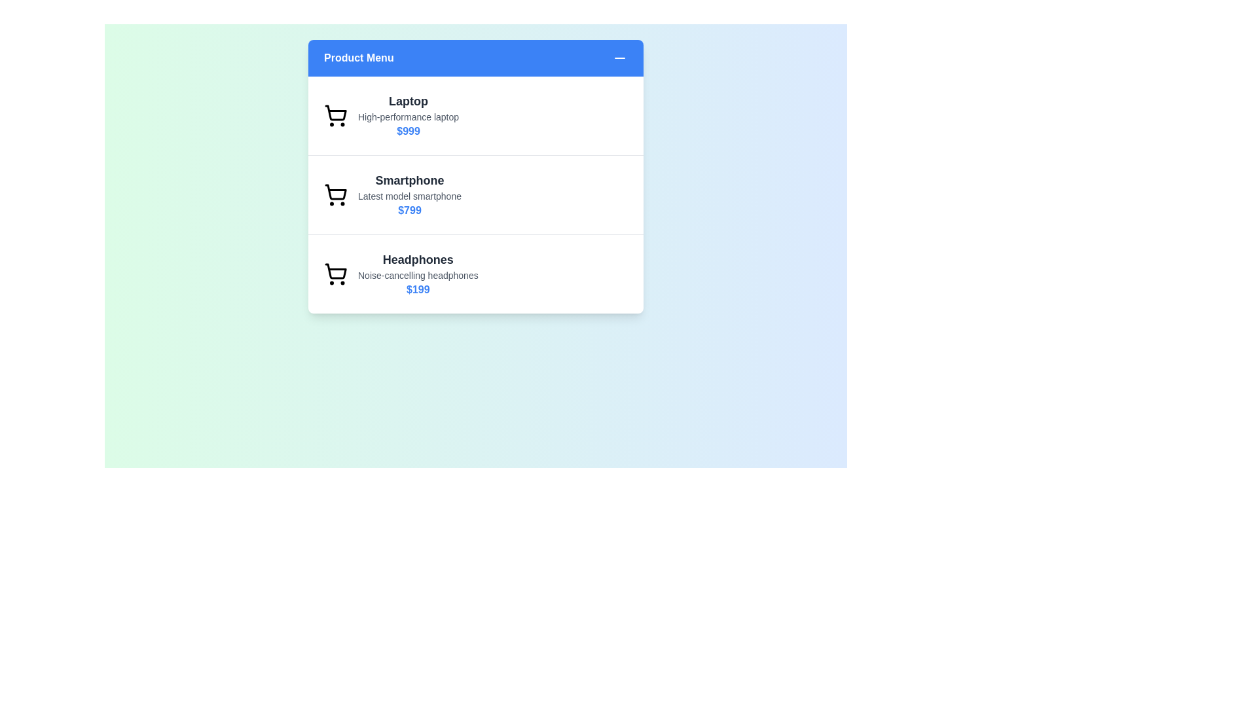 This screenshot has width=1257, height=707. Describe the element at coordinates (336, 274) in the screenshot. I see `the product icon for Headphones` at that location.